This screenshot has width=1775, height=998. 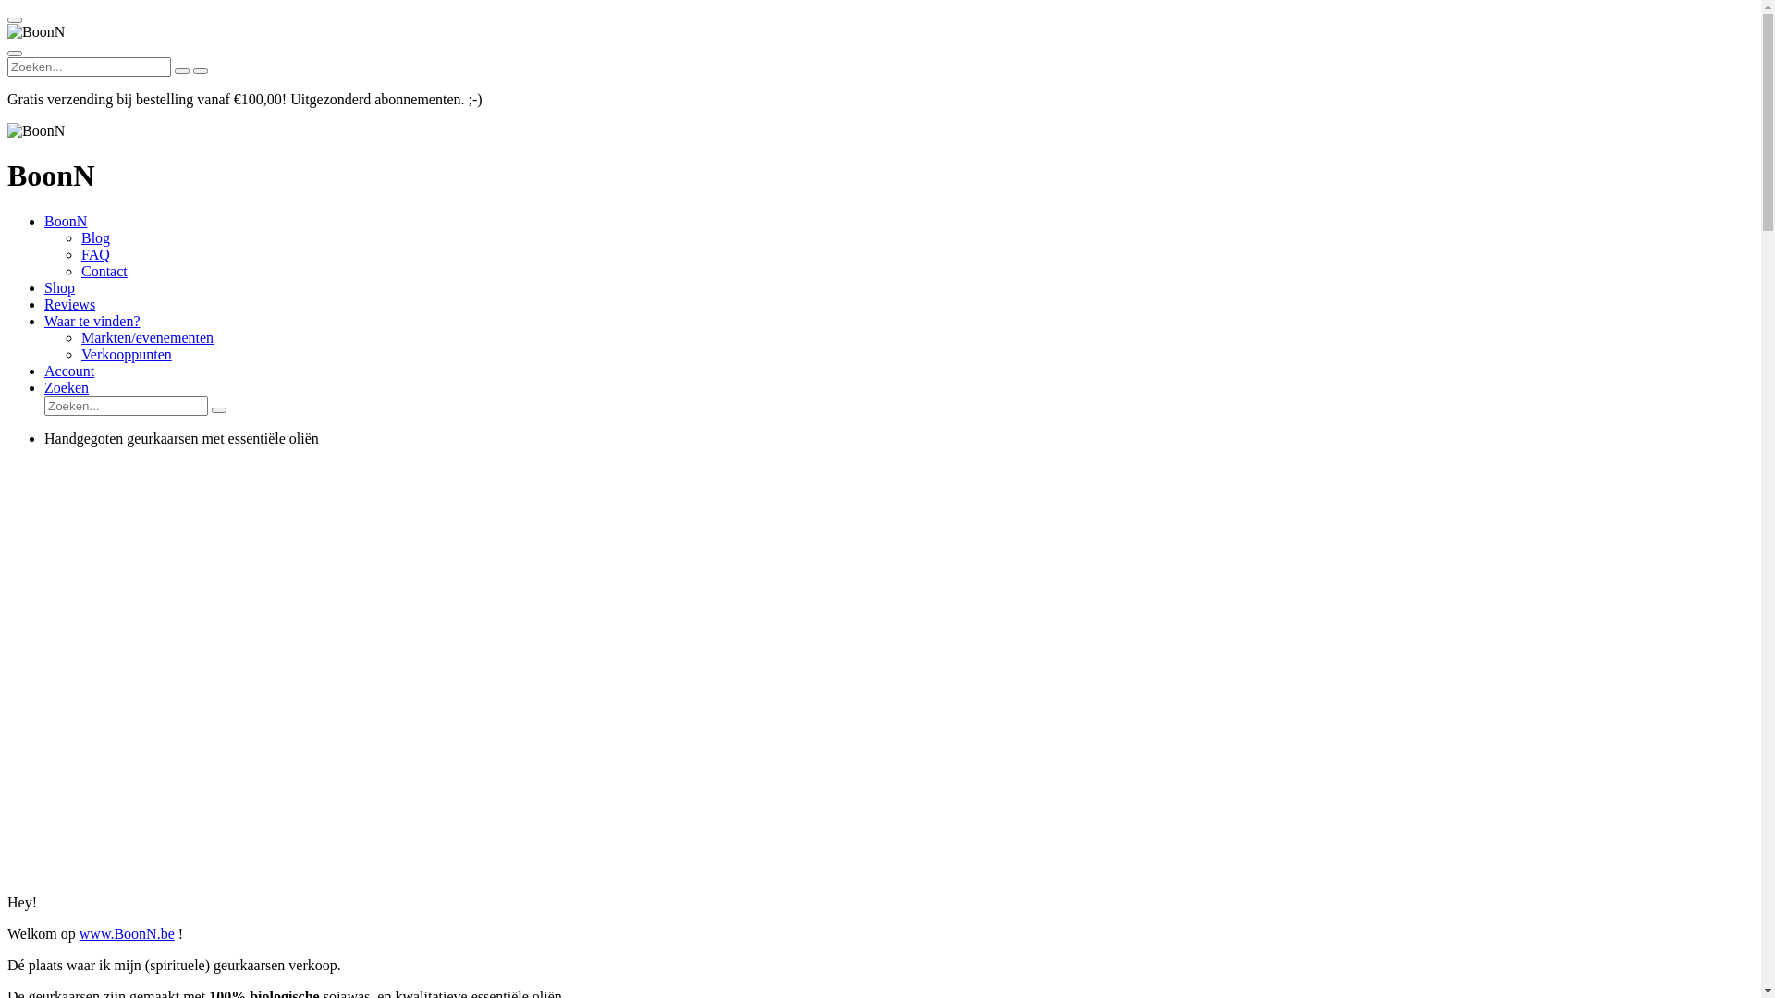 What do you see at coordinates (7, 31) in the screenshot?
I see `'BoonN'` at bounding box center [7, 31].